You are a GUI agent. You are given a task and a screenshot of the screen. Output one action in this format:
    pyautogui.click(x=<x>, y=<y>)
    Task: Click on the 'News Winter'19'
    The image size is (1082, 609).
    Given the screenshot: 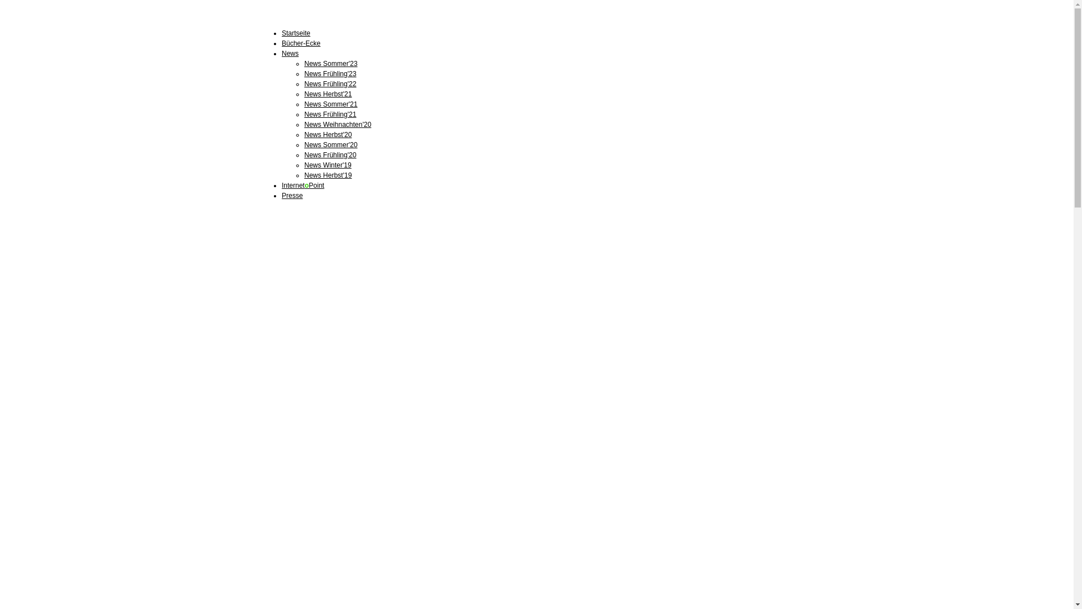 What is the action you would take?
    pyautogui.click(x=327, y=165)
    